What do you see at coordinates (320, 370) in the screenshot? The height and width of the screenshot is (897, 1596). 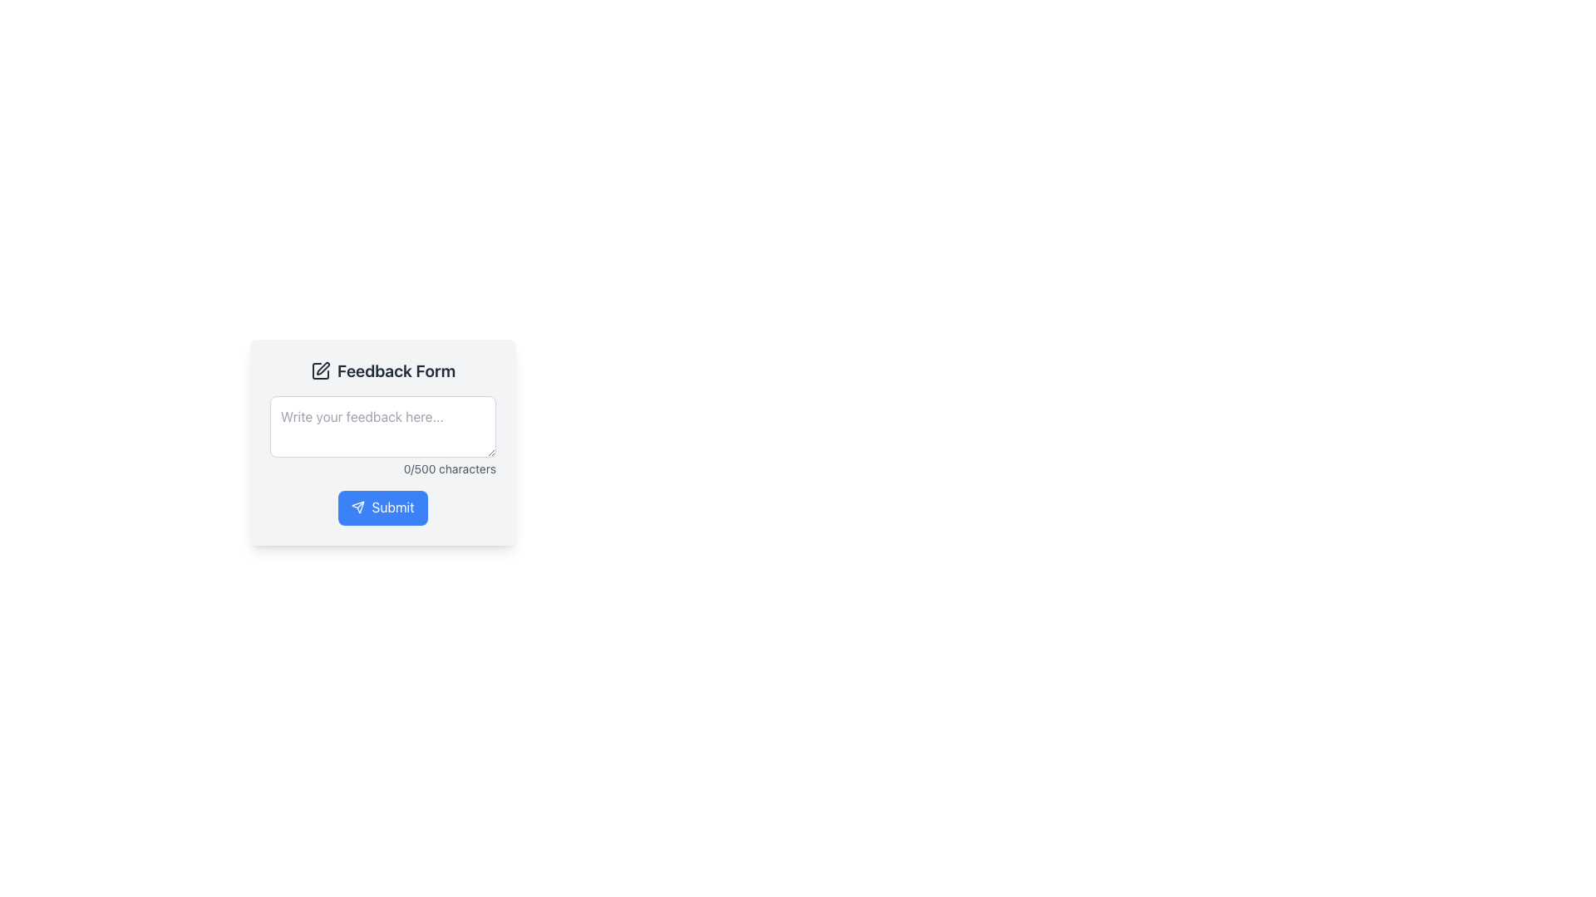 I see `the pen icon with a square outline that is located to the left of the 'Feedback Form' text, which is the first visible element in the top portion of the interface` at bounding box center [320, 370].